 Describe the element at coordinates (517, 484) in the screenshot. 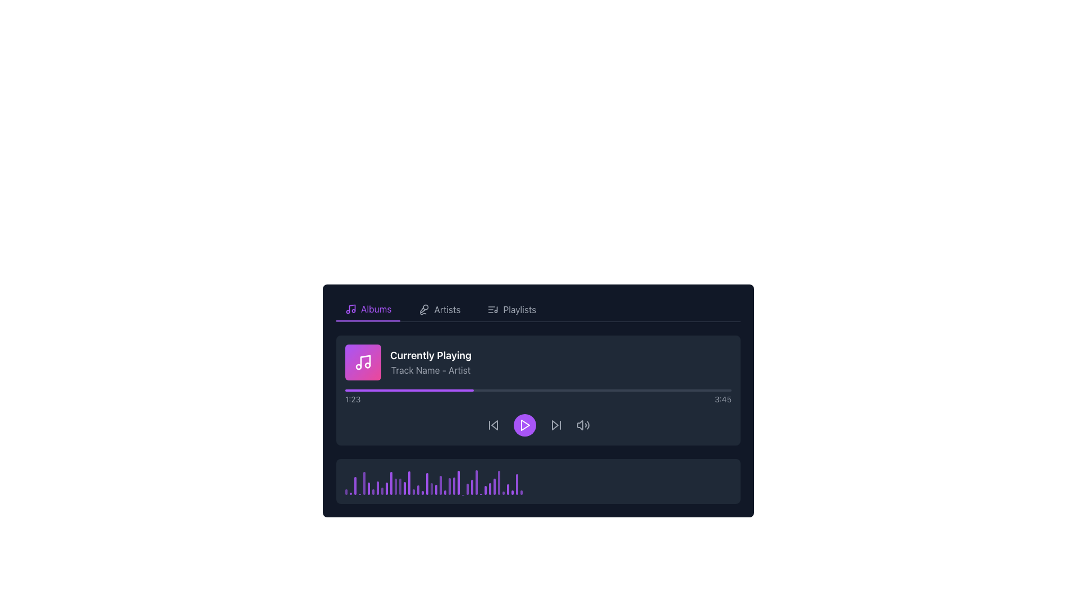

I see `the thin vertical purple bar with rounded edges located at the lower section of the interface beneath the playback controls` at that location.